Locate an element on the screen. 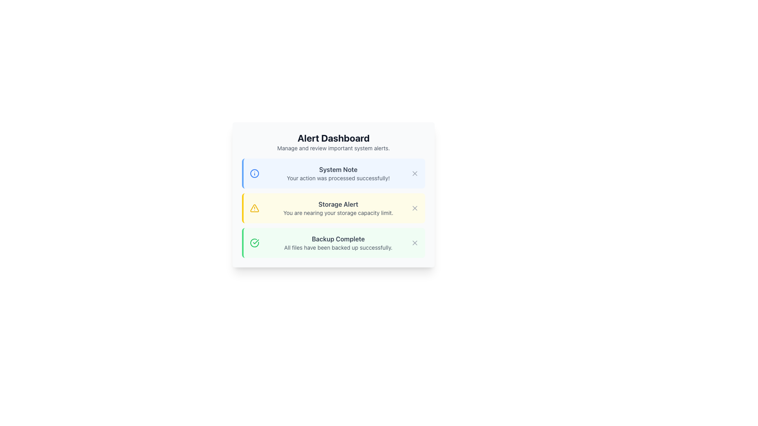 This screenshot has width=758, height=426. the text label that serves as a title for the notification indicating successful completion of a backup process, located at the bottom of the green-styled notification section is located at coordinates (338, 238).